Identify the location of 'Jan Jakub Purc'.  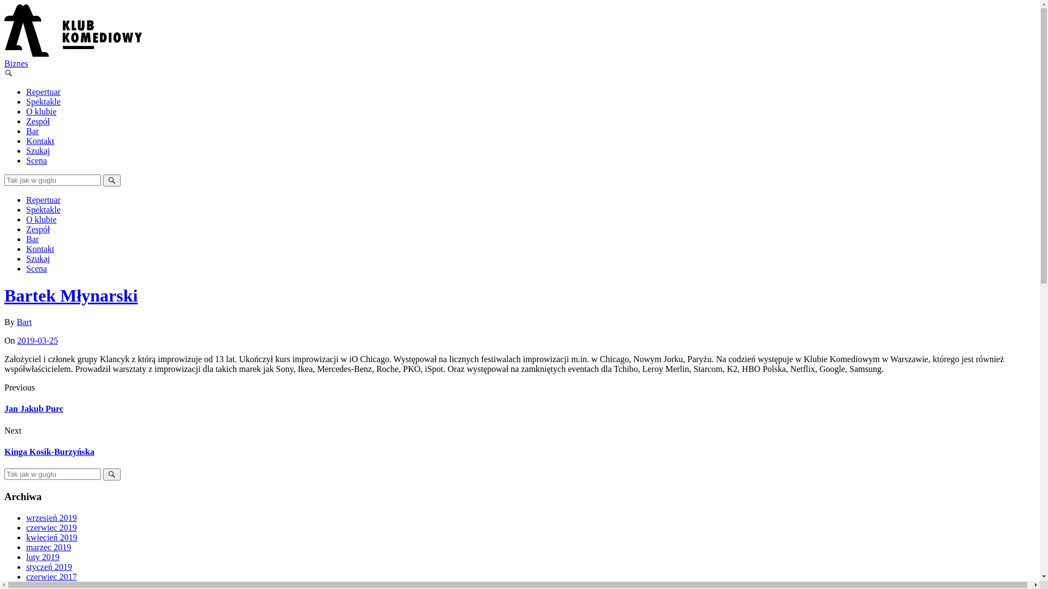
(34, 408).